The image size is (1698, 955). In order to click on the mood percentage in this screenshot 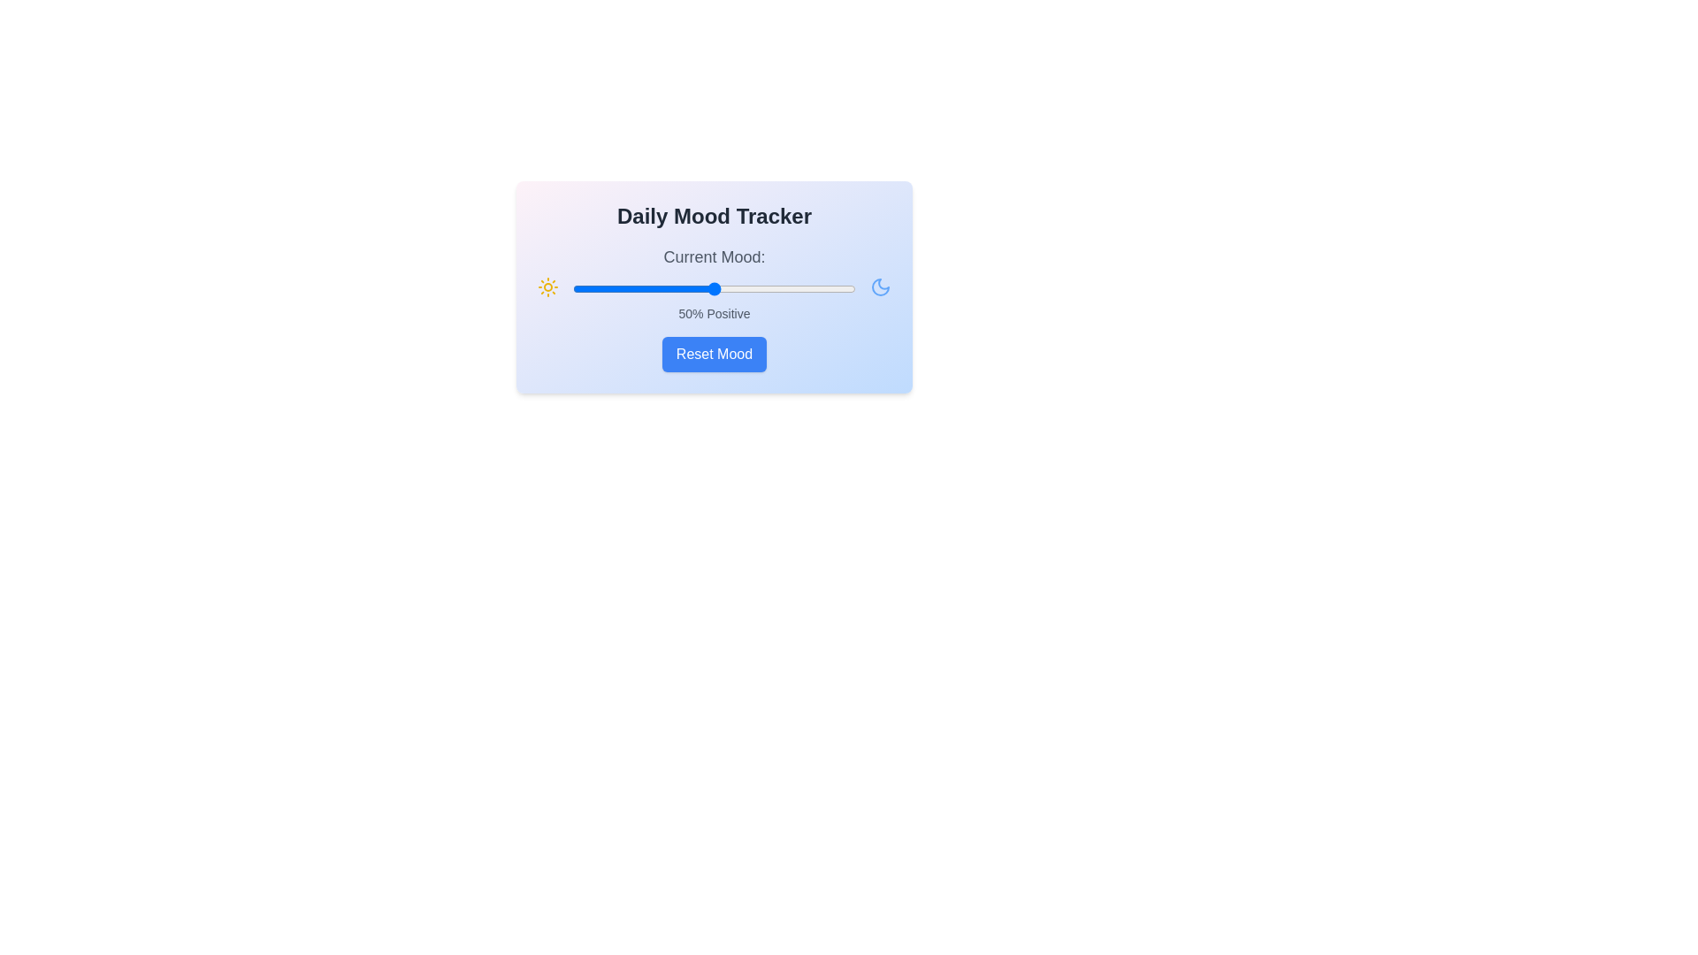, I will do `click(756, 288)`.